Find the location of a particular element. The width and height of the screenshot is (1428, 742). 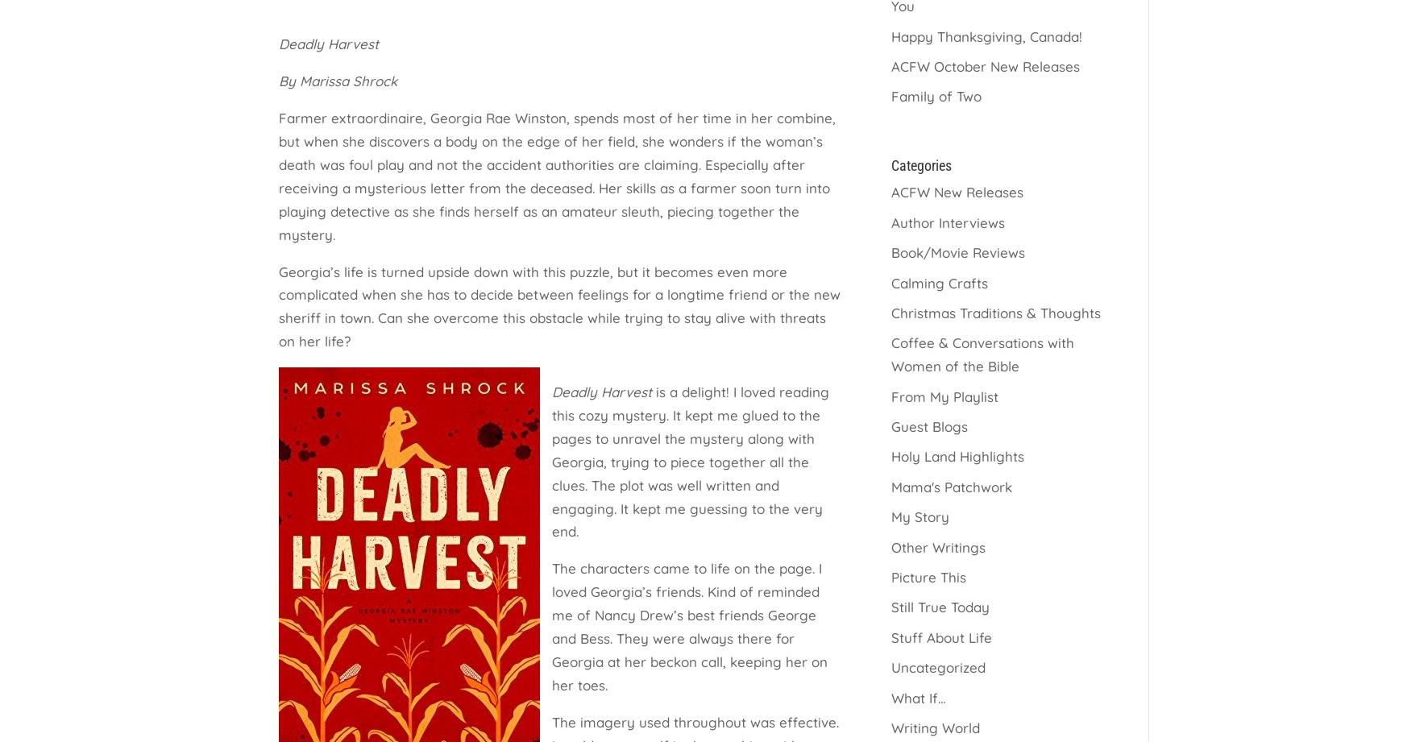

'By Marissa Shrock' is located at coordinates (338, 81).